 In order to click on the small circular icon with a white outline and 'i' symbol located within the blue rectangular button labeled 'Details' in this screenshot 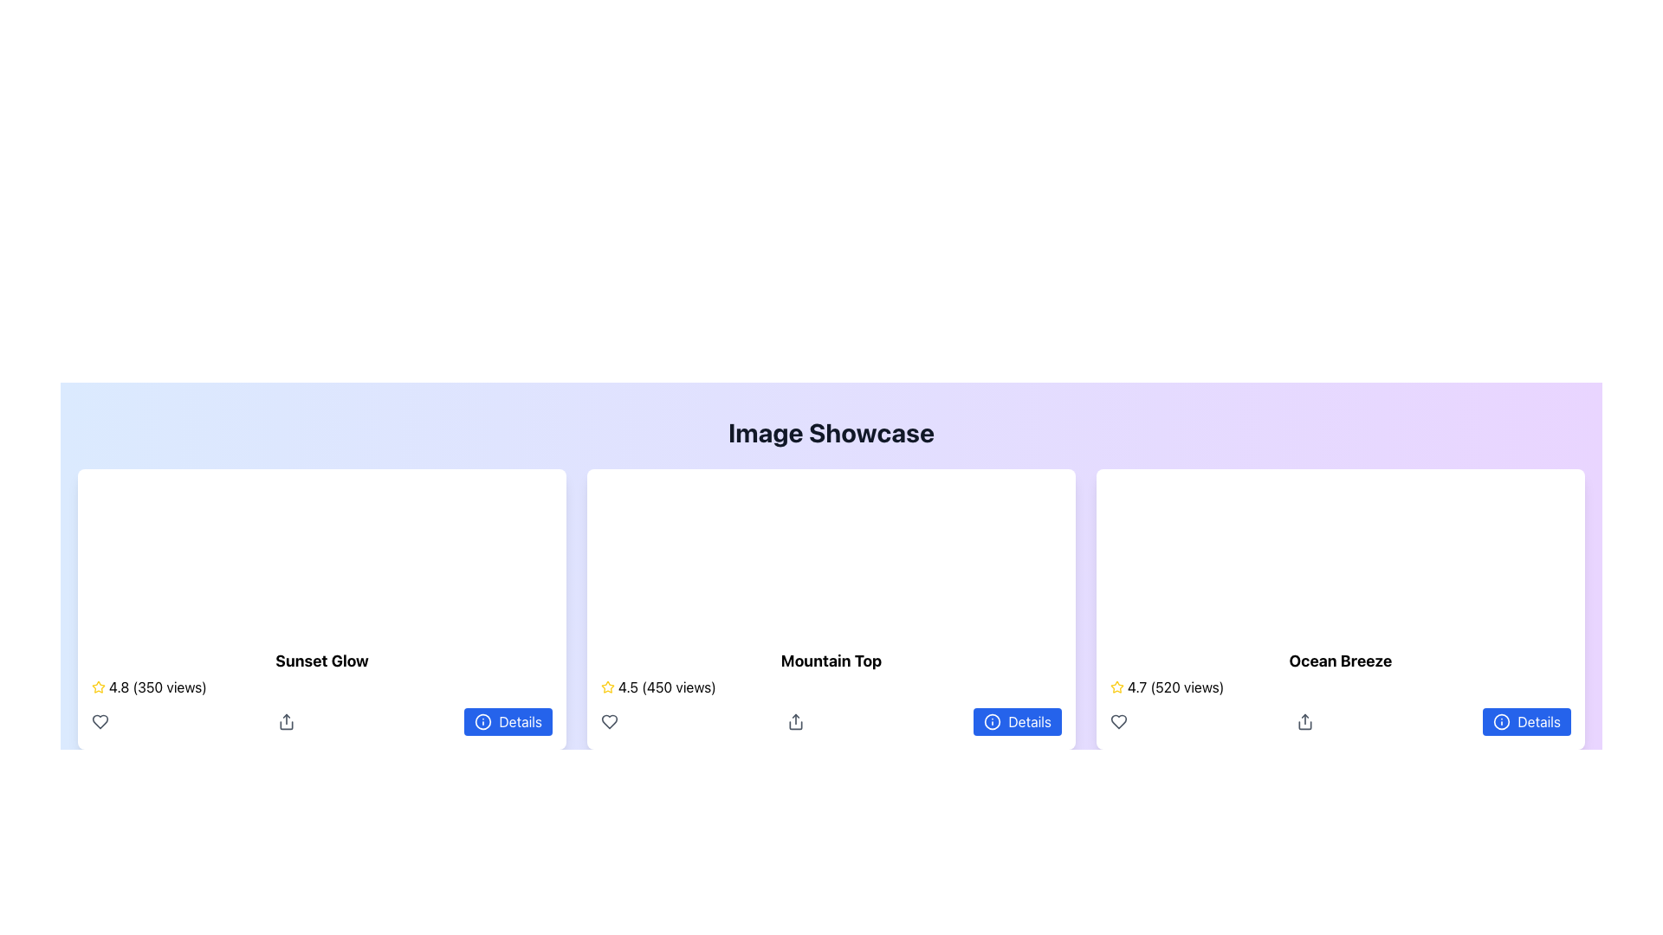, I will do `click(483, 721)`.